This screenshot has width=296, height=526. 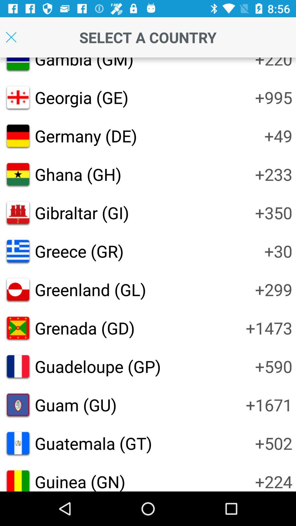 I want to click on guadeloupe (gp), so click(x=98, y=366).